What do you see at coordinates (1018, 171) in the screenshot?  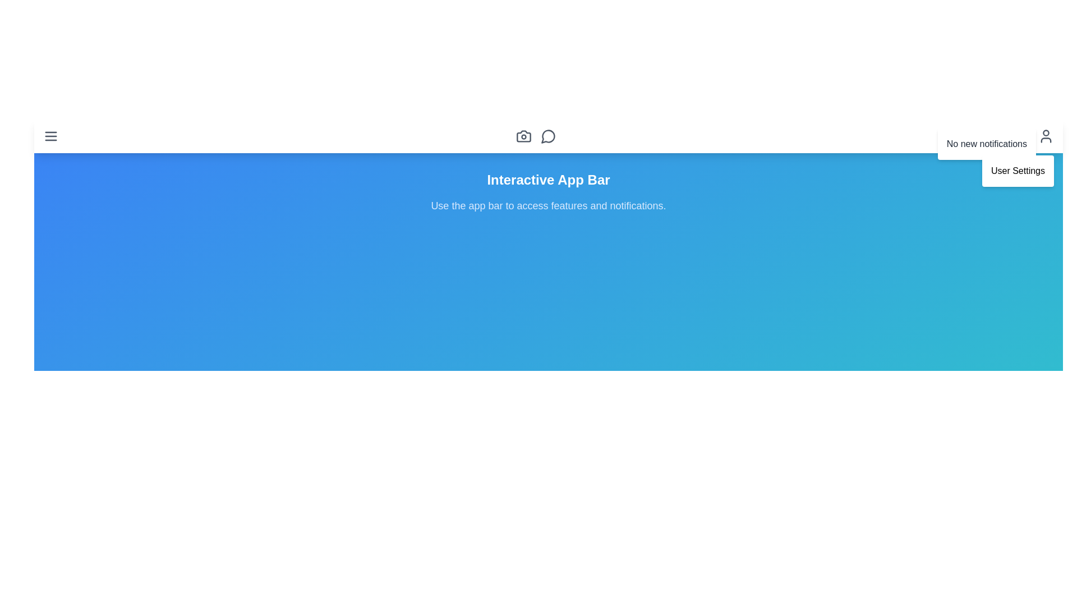 I see `the 'User Settings' option in the dropdown menu` at bounding box center [1018, 171].